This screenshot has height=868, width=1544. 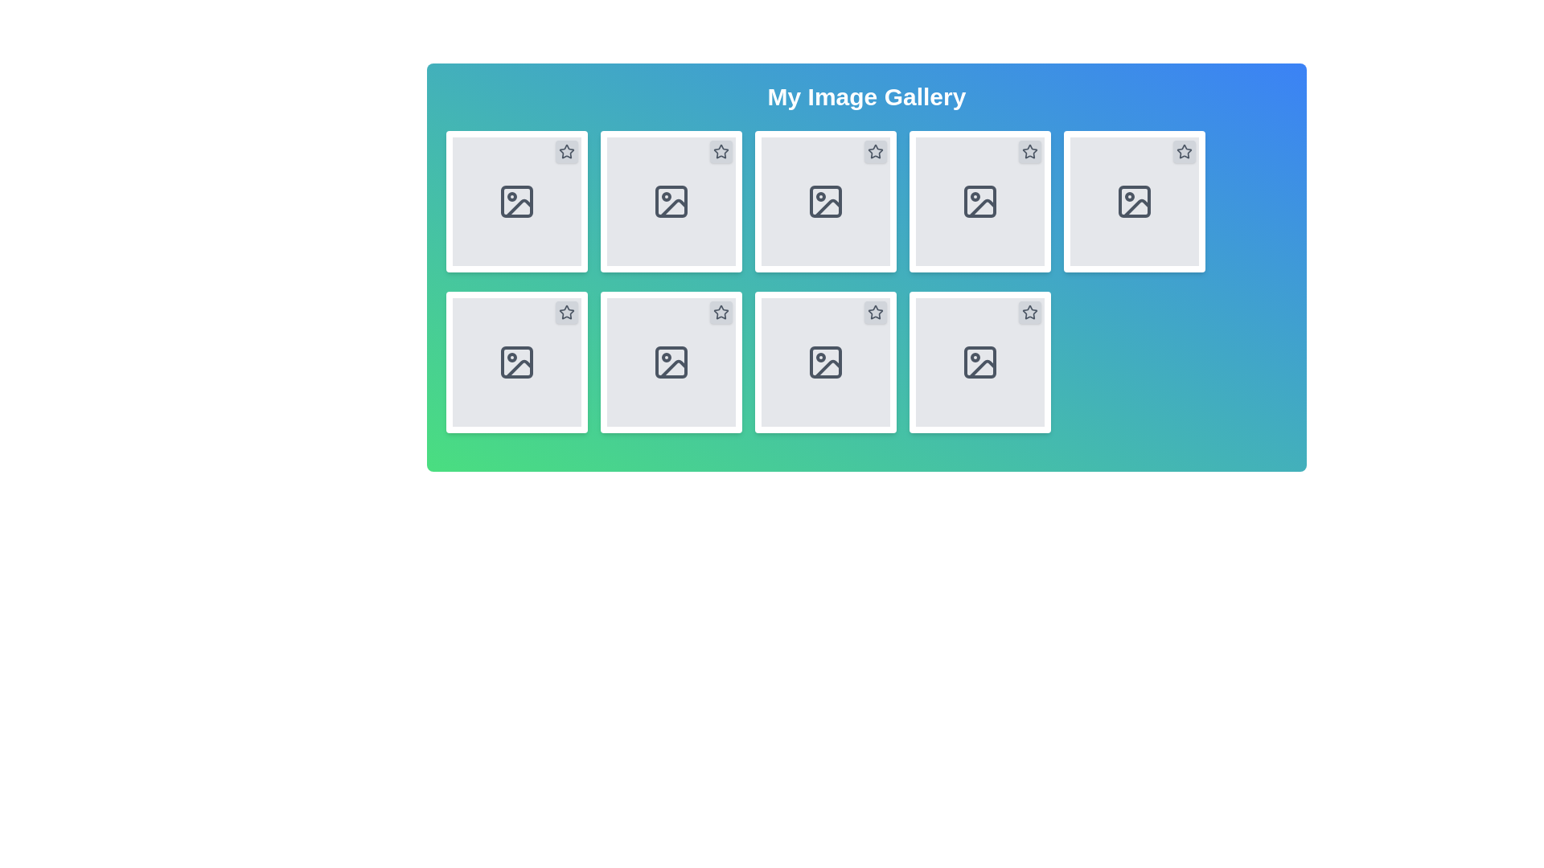 What do you see at coordinates (721, 313) in the screenshot?
I see `the interactive button located in the top-right corner of the white square tile in the first row, fourth column of the grid layout to trigger the hover effect` at bounding box center [721, 313].